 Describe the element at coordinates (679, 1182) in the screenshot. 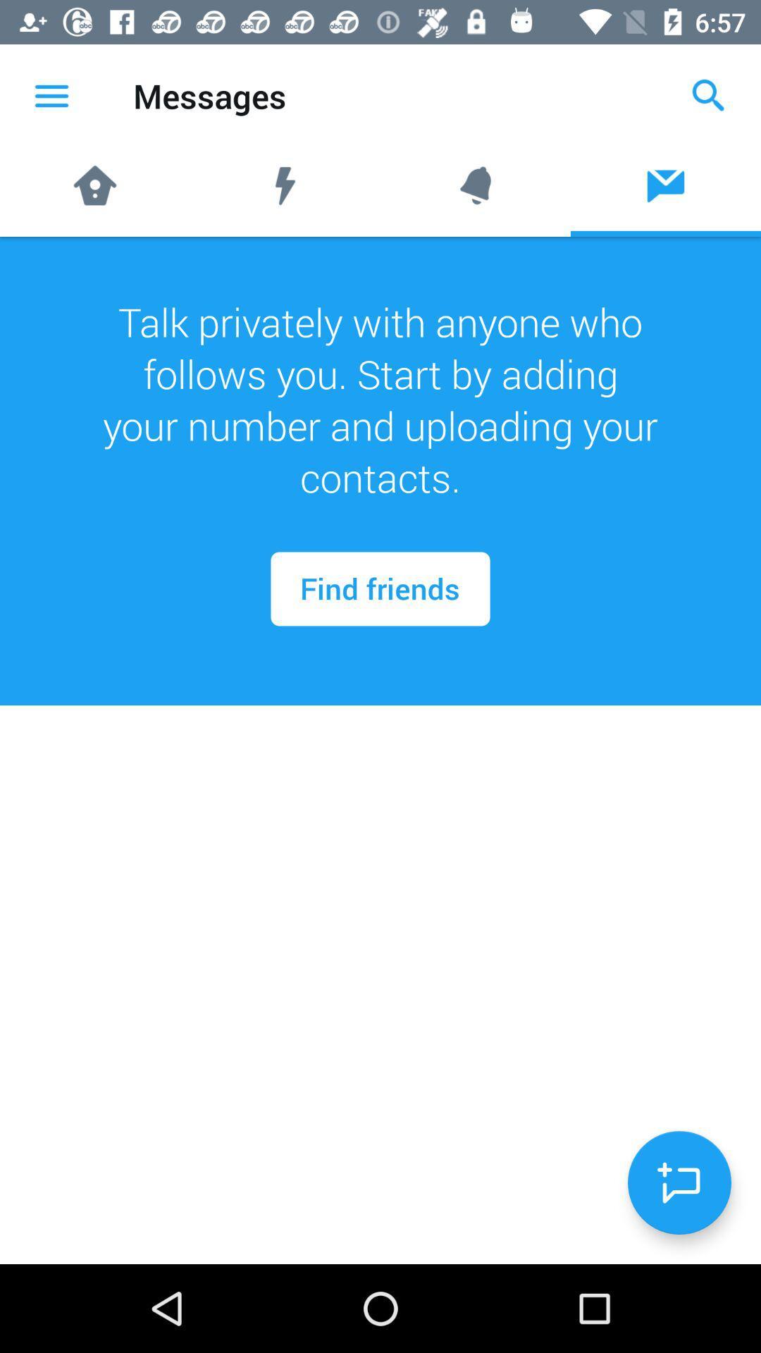

I see `the chat icon` at that location.